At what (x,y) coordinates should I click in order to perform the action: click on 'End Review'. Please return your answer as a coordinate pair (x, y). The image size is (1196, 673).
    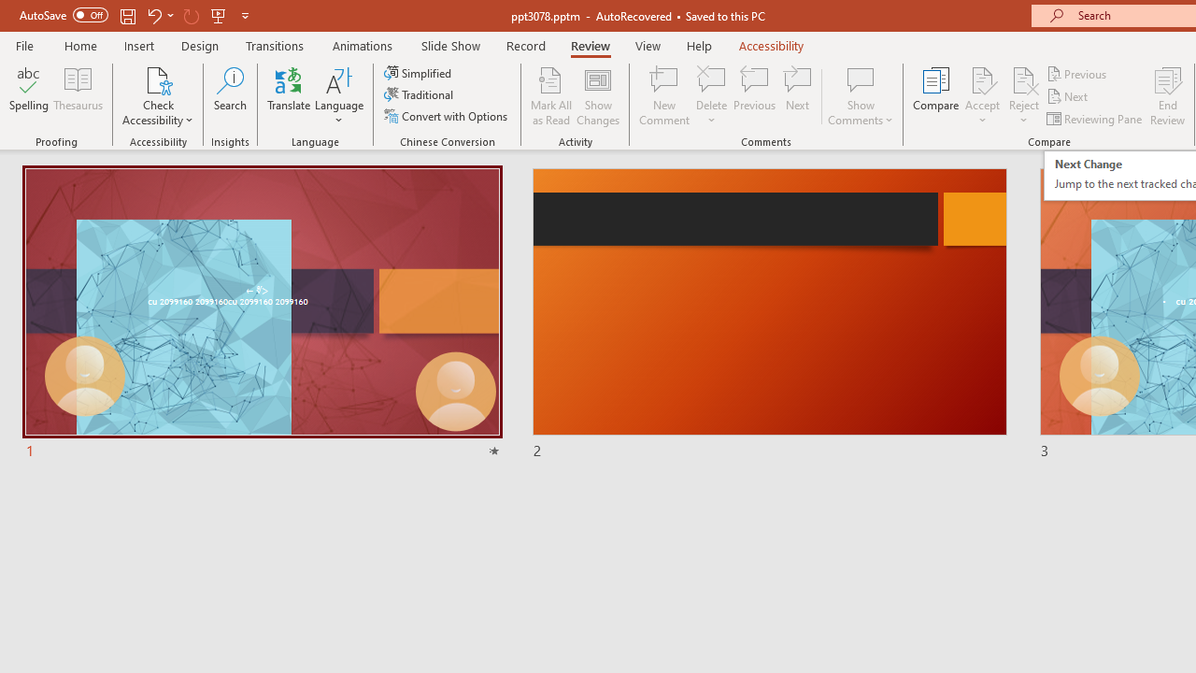
    Looking at the image, I should click on (1166, 96).